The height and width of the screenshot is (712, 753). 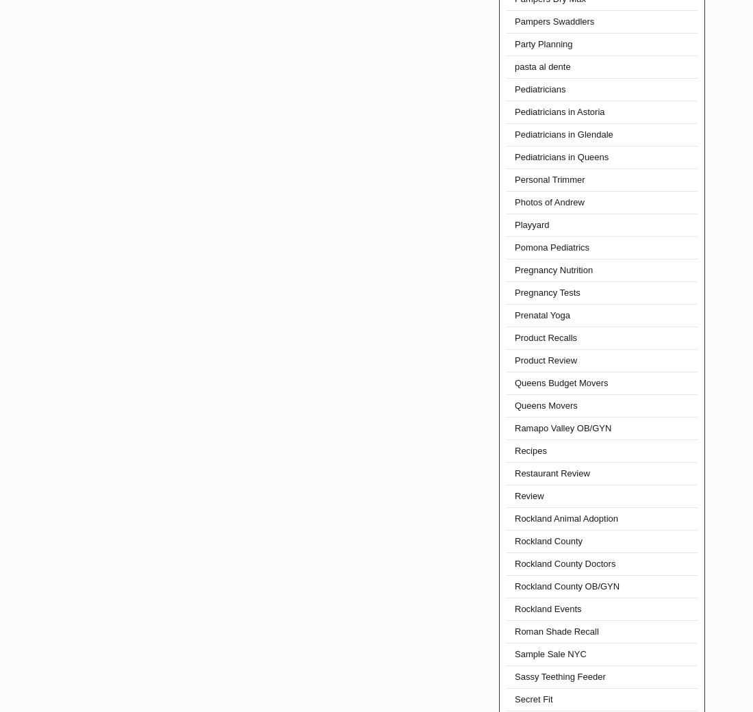 I want to click on 'Photos of Andrew', so click(x=549, y=201).